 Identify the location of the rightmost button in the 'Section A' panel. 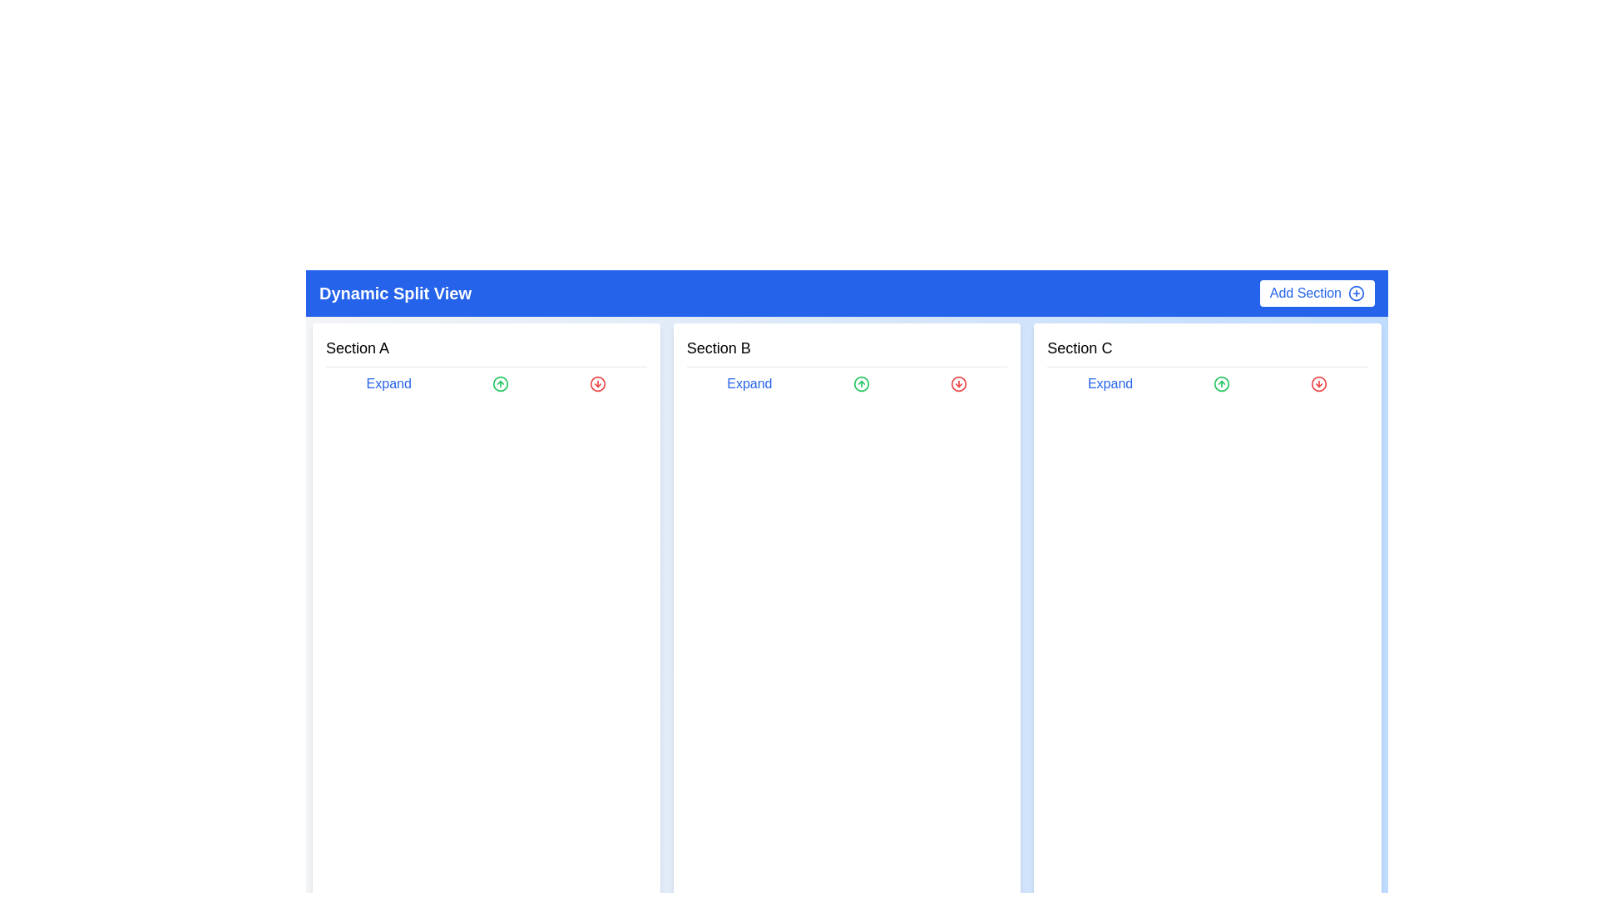
(598, 384).